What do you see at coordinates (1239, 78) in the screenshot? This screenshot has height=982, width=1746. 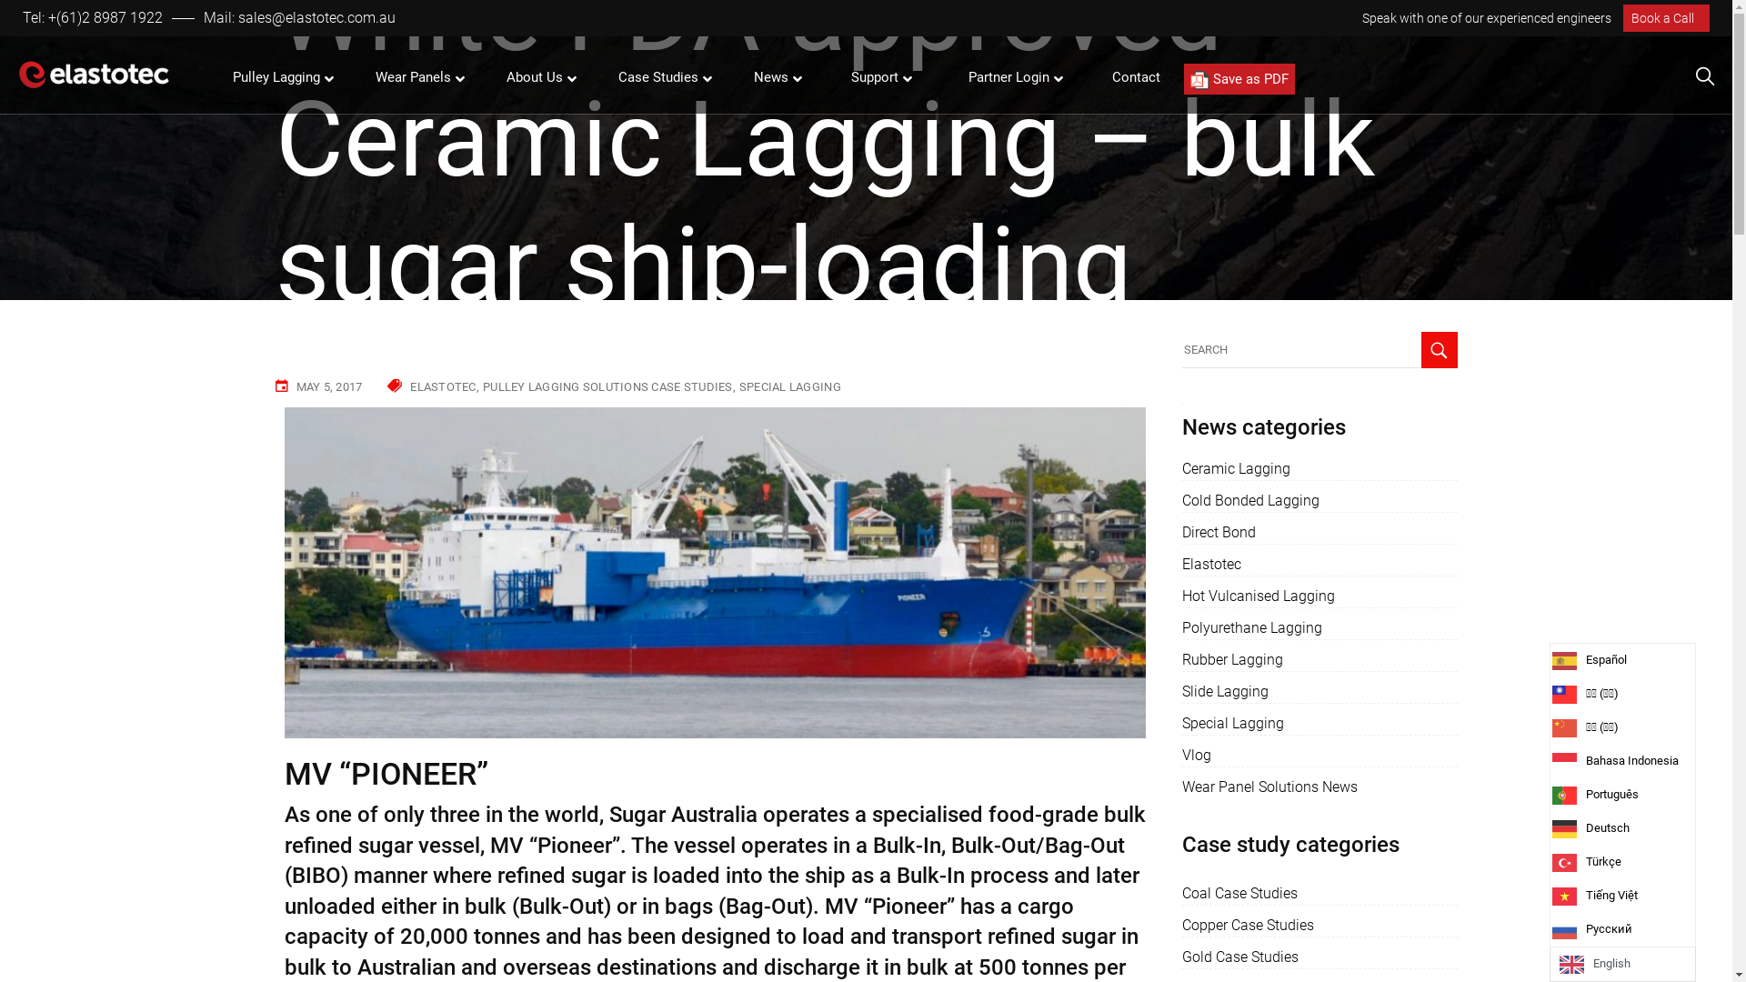 I see `' Save as PDF'` at bounding box center [1239, 78].